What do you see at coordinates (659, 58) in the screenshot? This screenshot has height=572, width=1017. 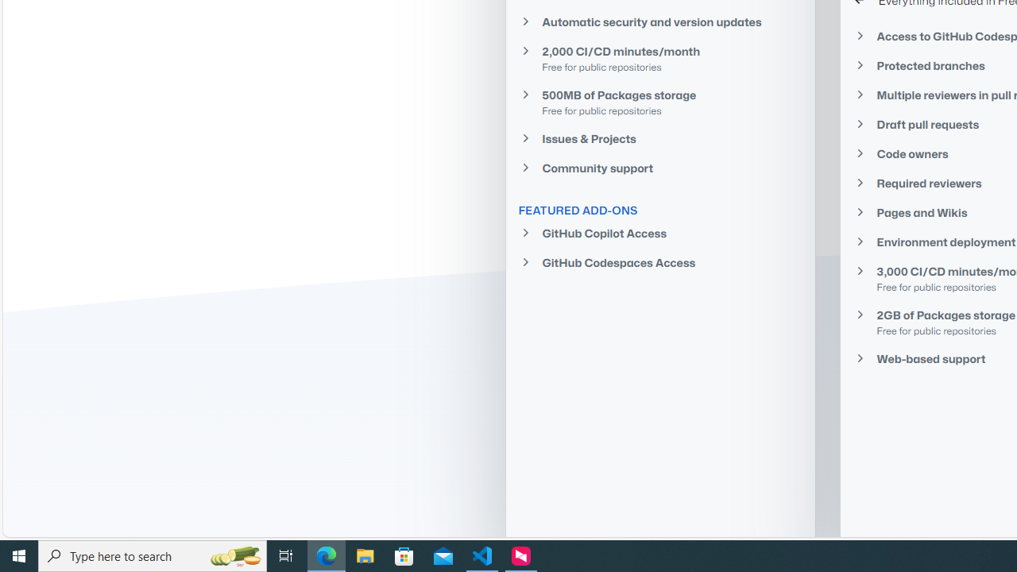 I see `'2,000 CI/CD minutes/month Free for public repositories'` at bounding box center [659, 58].